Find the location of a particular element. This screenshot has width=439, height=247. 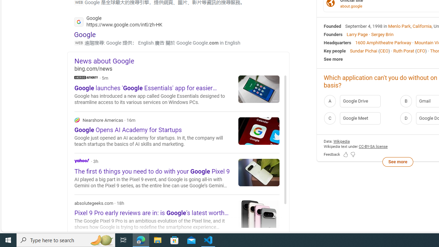

'Ruth Porat' is located at coordinates (403, 50).